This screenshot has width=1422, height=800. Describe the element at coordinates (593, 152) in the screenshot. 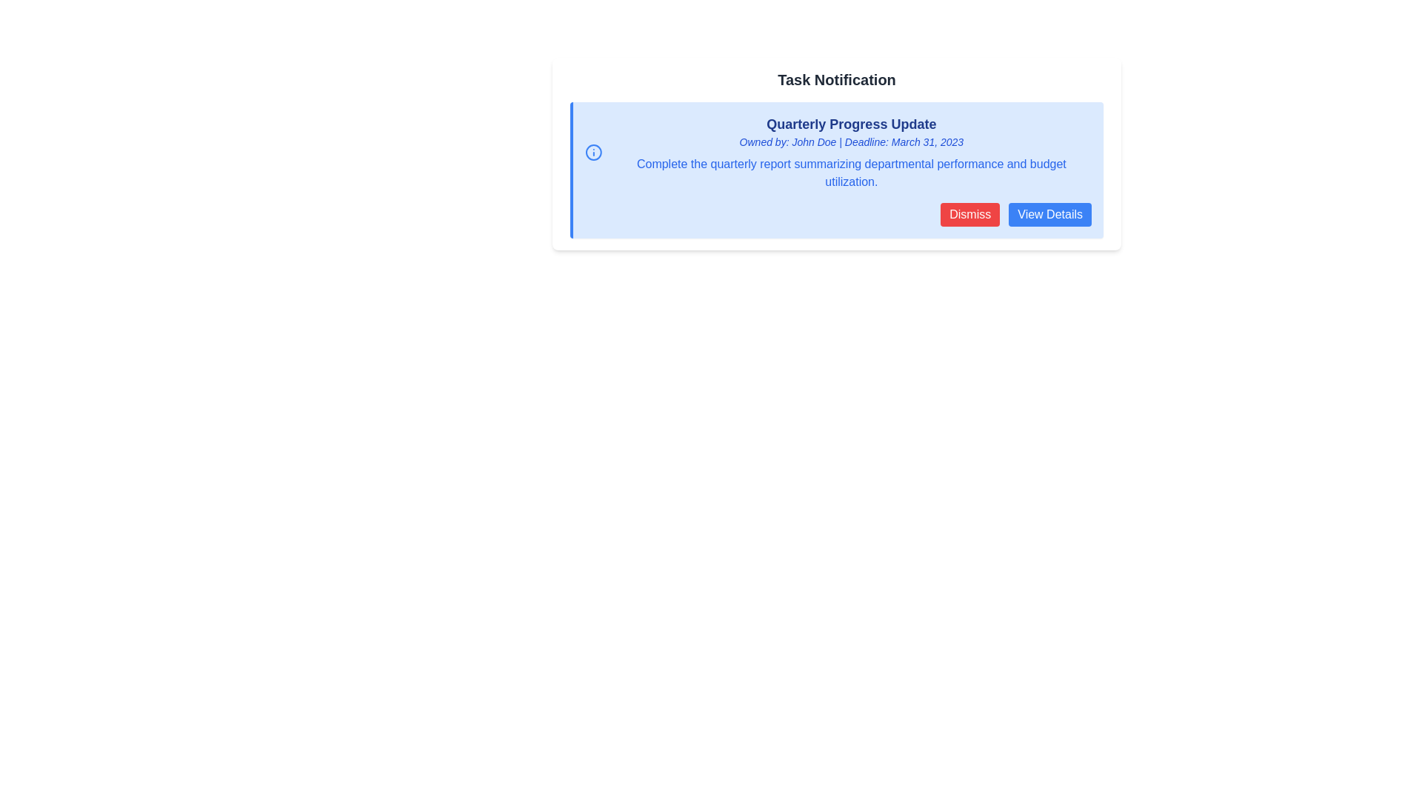

I see `the icon located on the left side within the blue section titled 'Quarterly Progress Update', which serves as a visual indicator for the content it accompanies` at that location.